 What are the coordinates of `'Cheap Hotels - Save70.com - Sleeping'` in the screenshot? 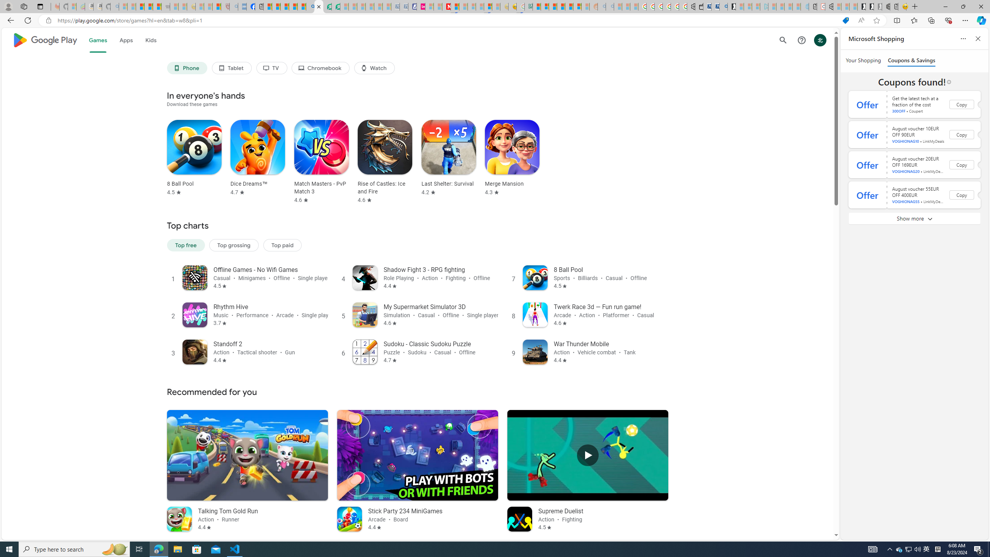 It's located at (403, 6).